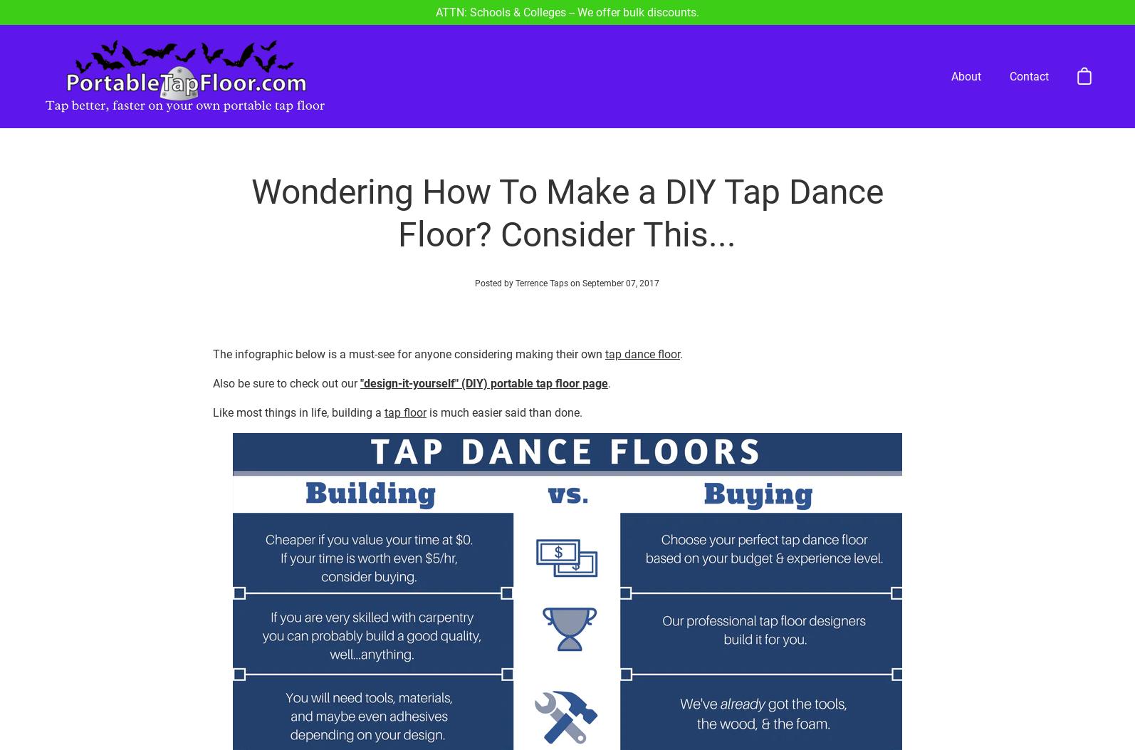 Image resolution: width=1135 pixels, height=750 pixels. I want to click on 'September 07, 2017', so click(621, 231).